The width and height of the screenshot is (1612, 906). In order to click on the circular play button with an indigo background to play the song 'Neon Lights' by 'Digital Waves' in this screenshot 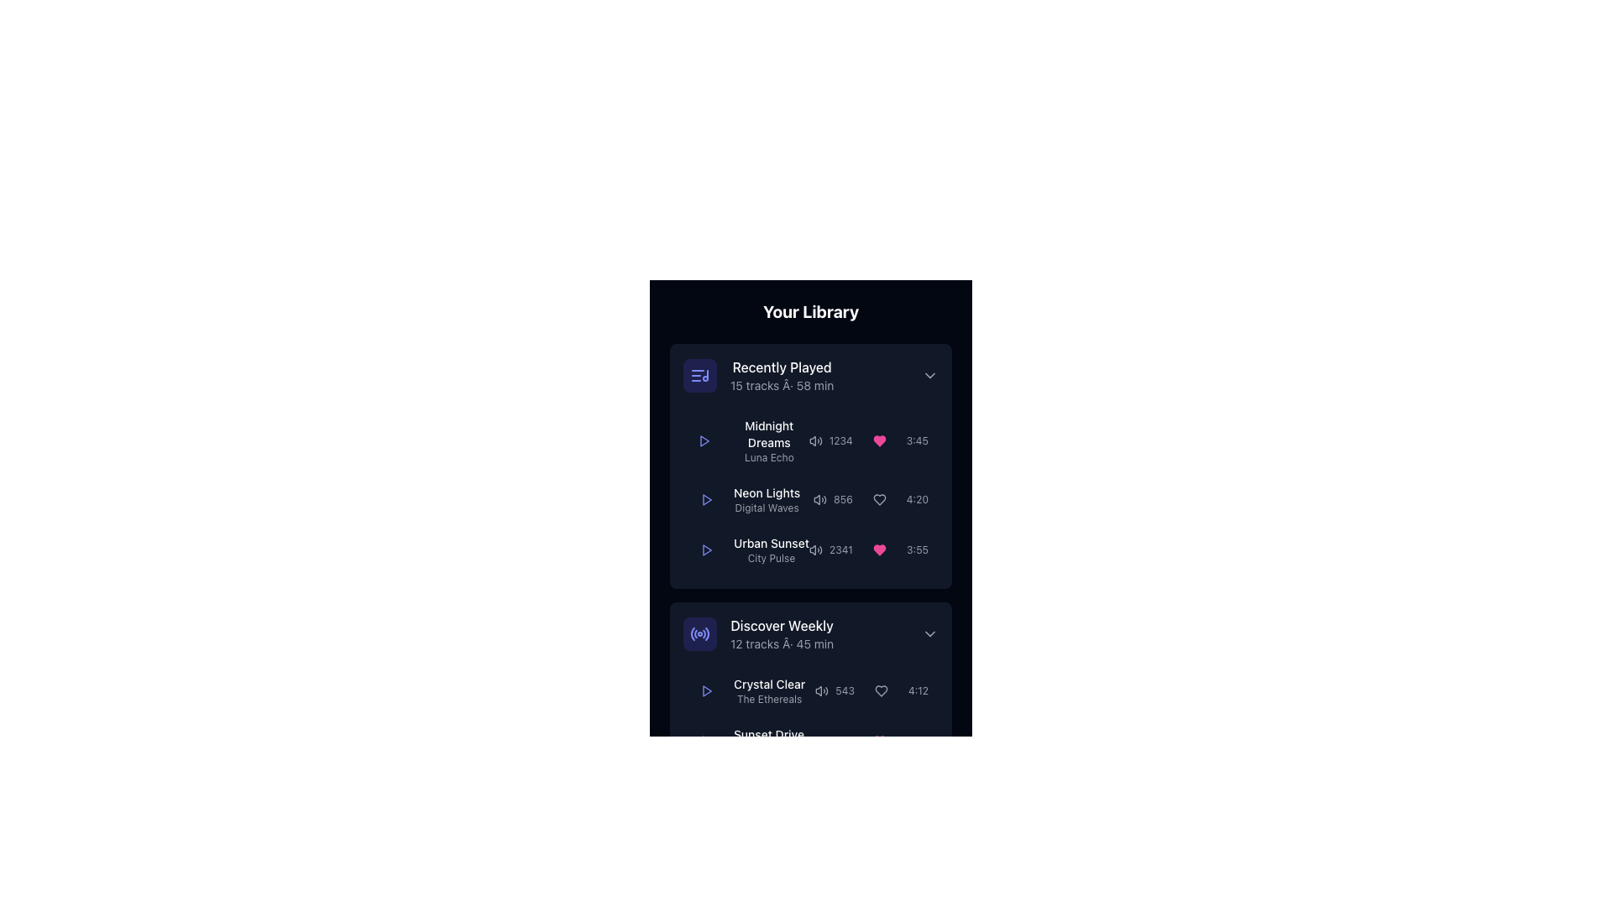, I will do `click(706, 499)`.